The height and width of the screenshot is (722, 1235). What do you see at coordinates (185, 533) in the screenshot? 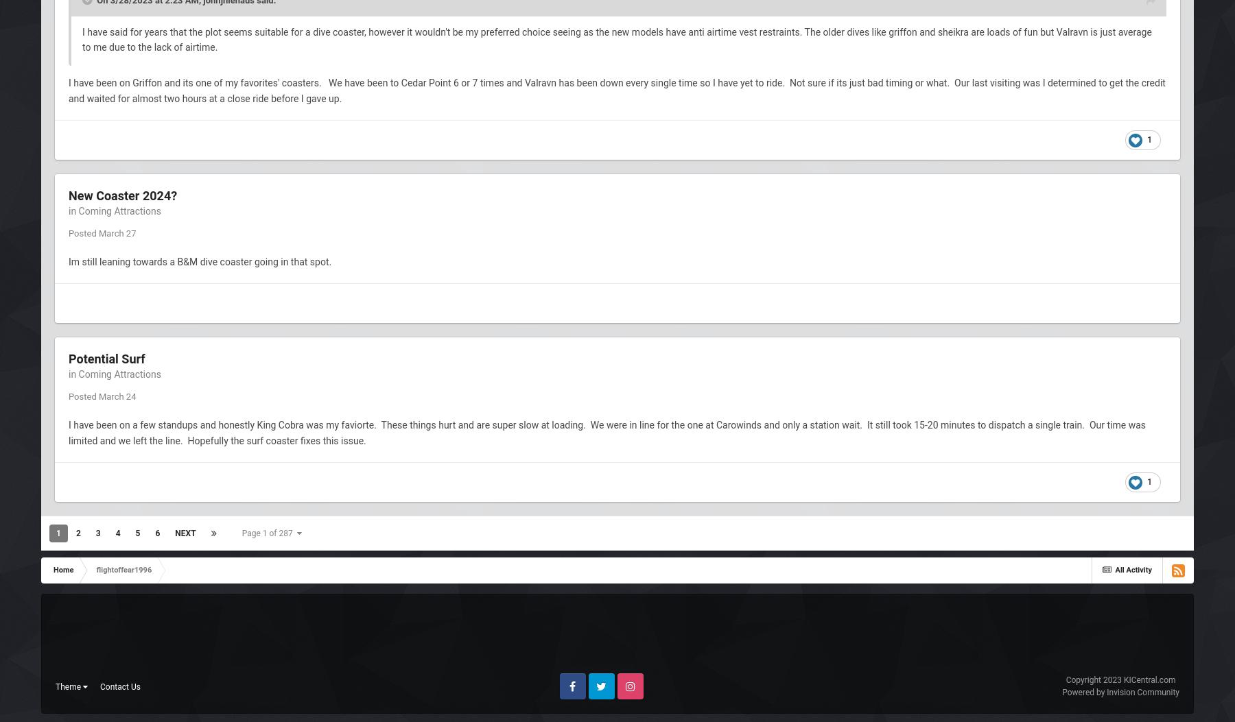
I see `'Next'` at bounding box center [185, 533].